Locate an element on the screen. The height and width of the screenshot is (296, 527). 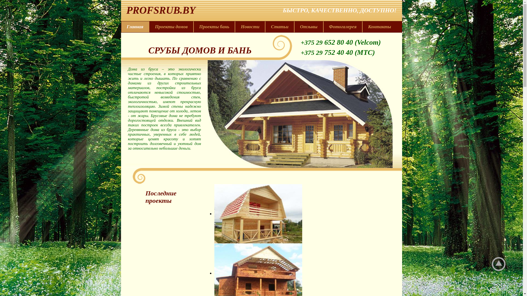
'PROFSRUB.BY' is located at coordinates (158, 10).